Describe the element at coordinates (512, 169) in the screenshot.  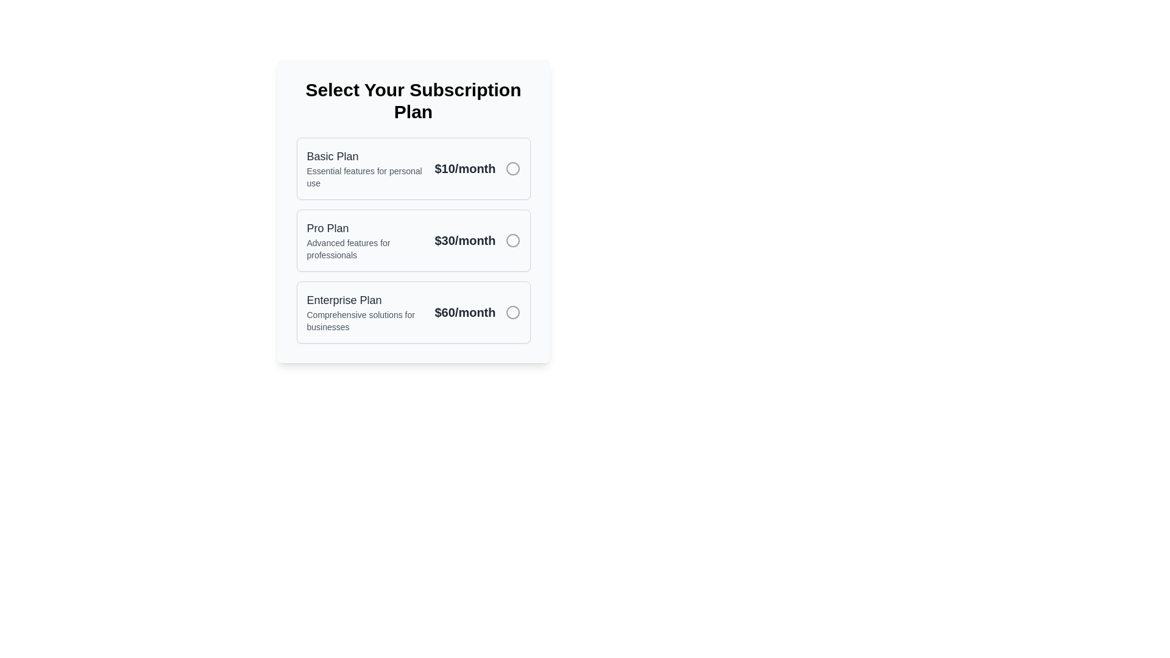
I see `the radio button indicator for the 'Basic Plan' option to provide visual feedback` at that location.